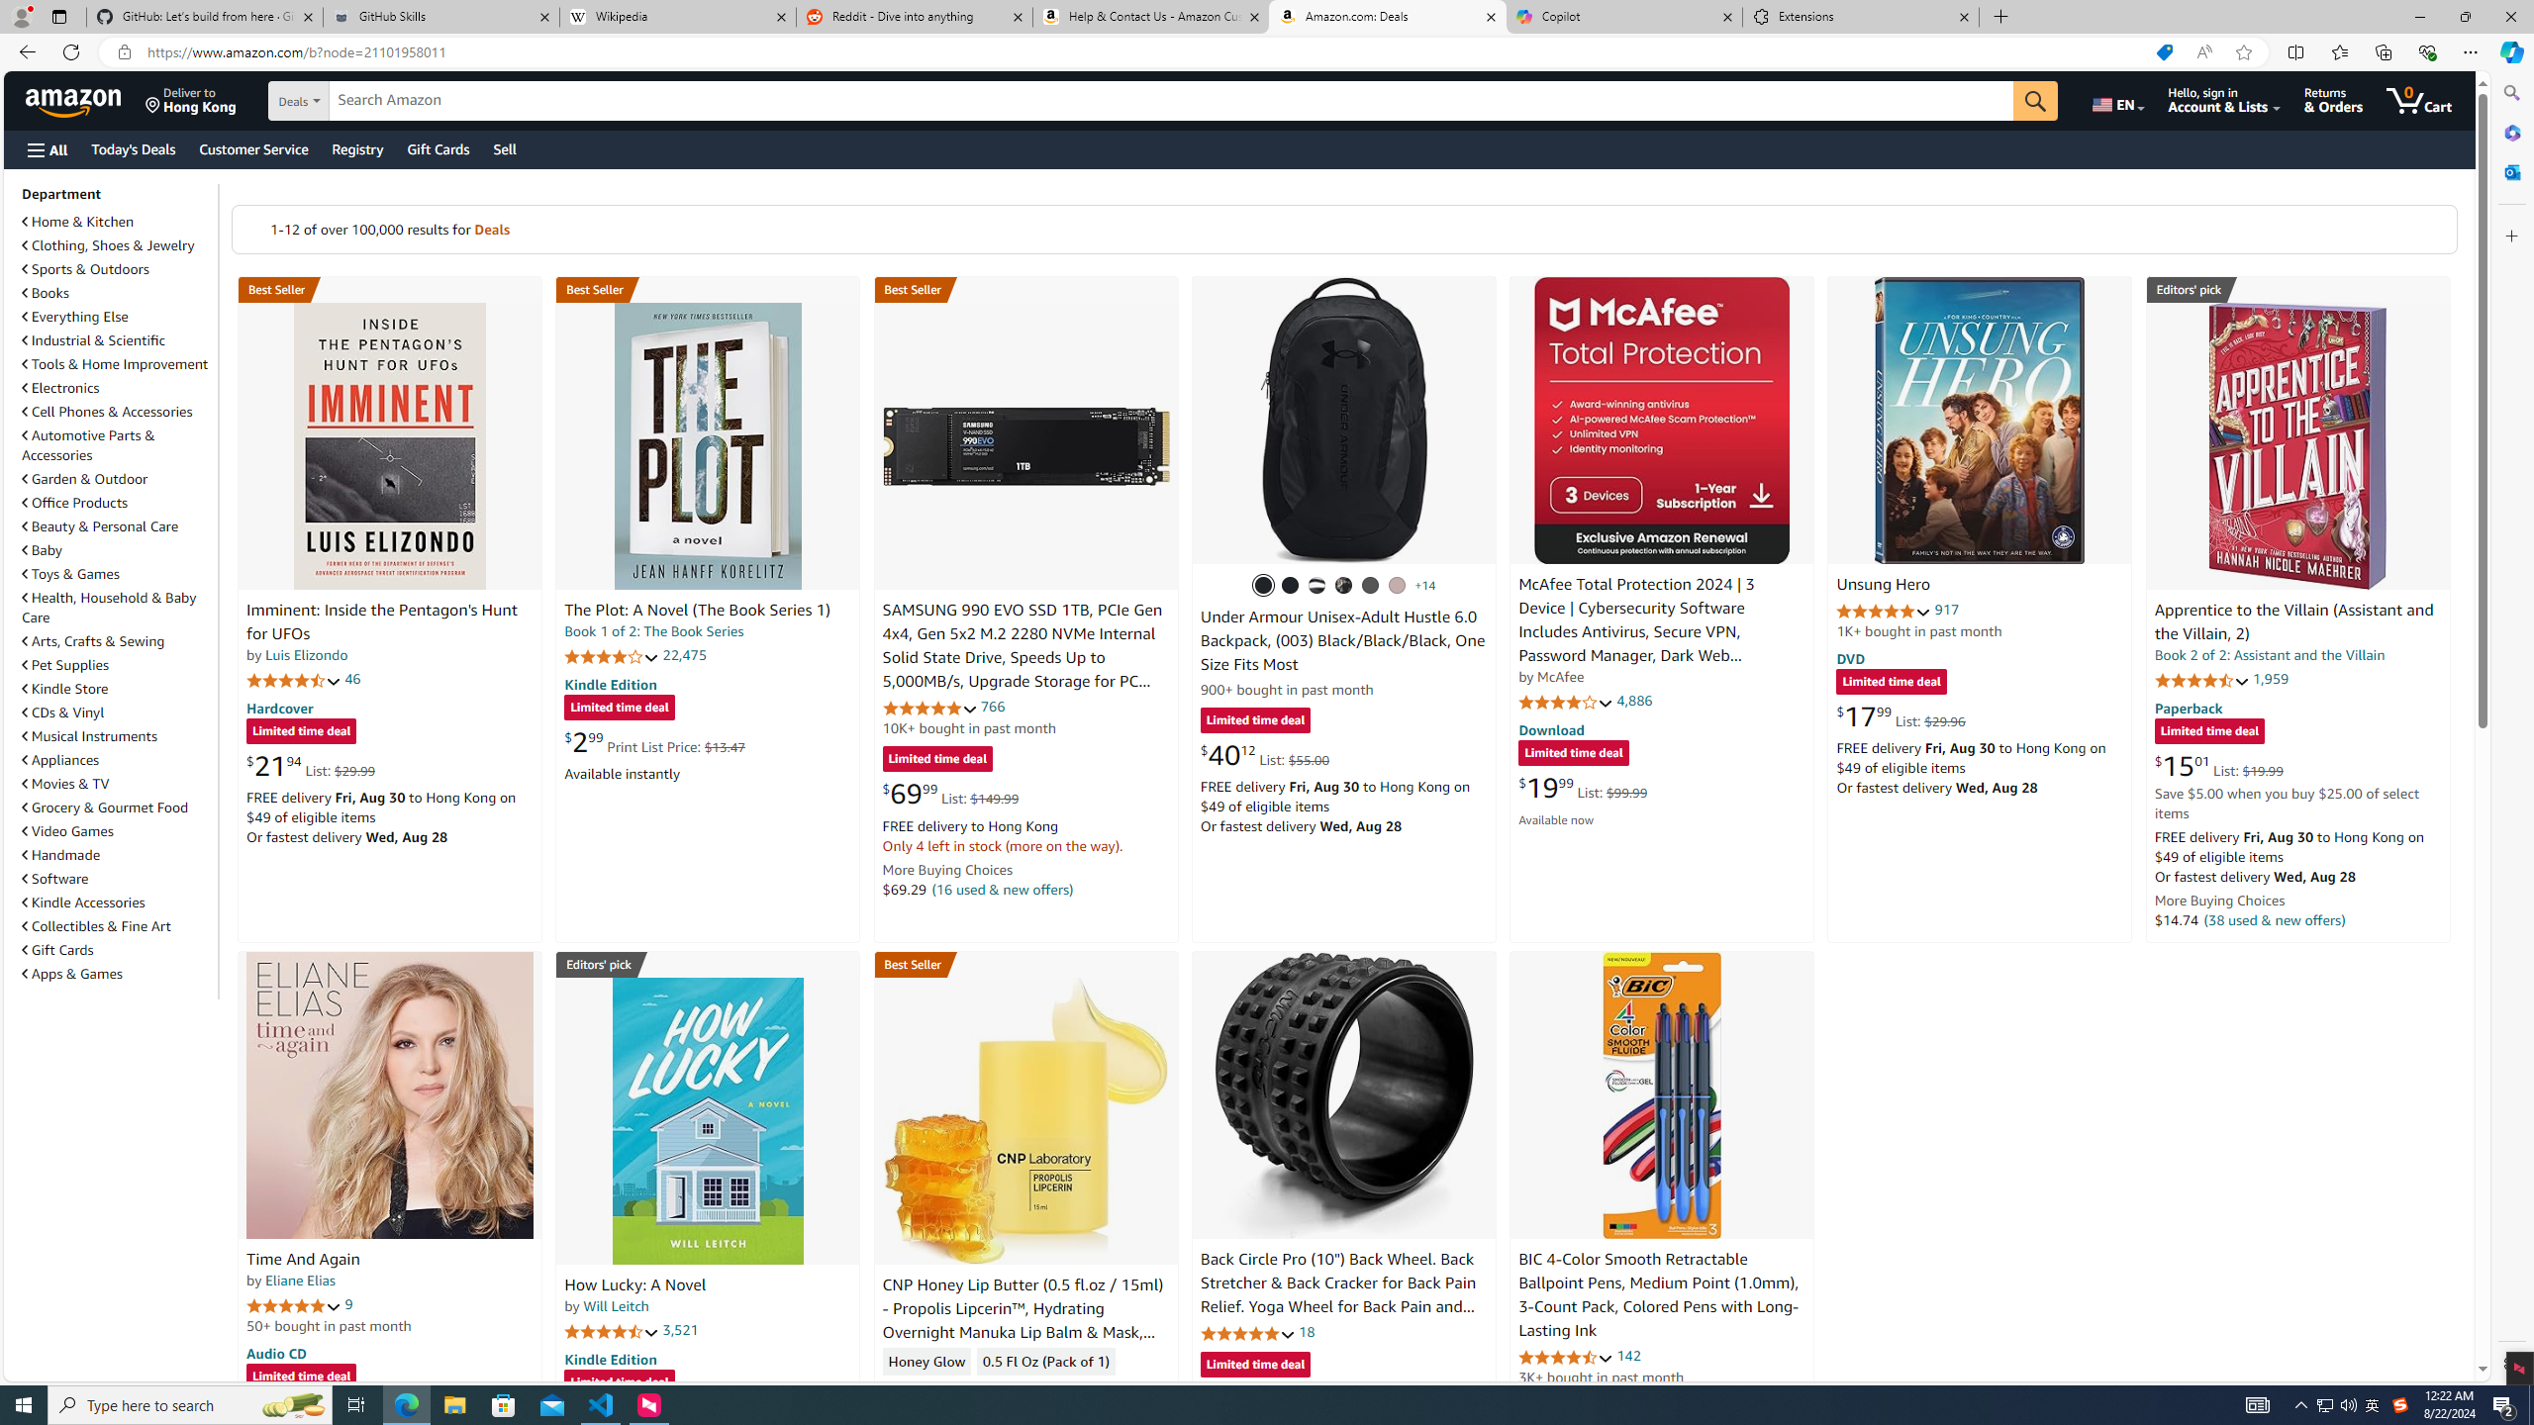 This screenshot has height=1425, width=2534. What do you see at coordinates (2295, 50) in the screenshot?
I see `'Split screen'` at bounding box center [2295, 50].